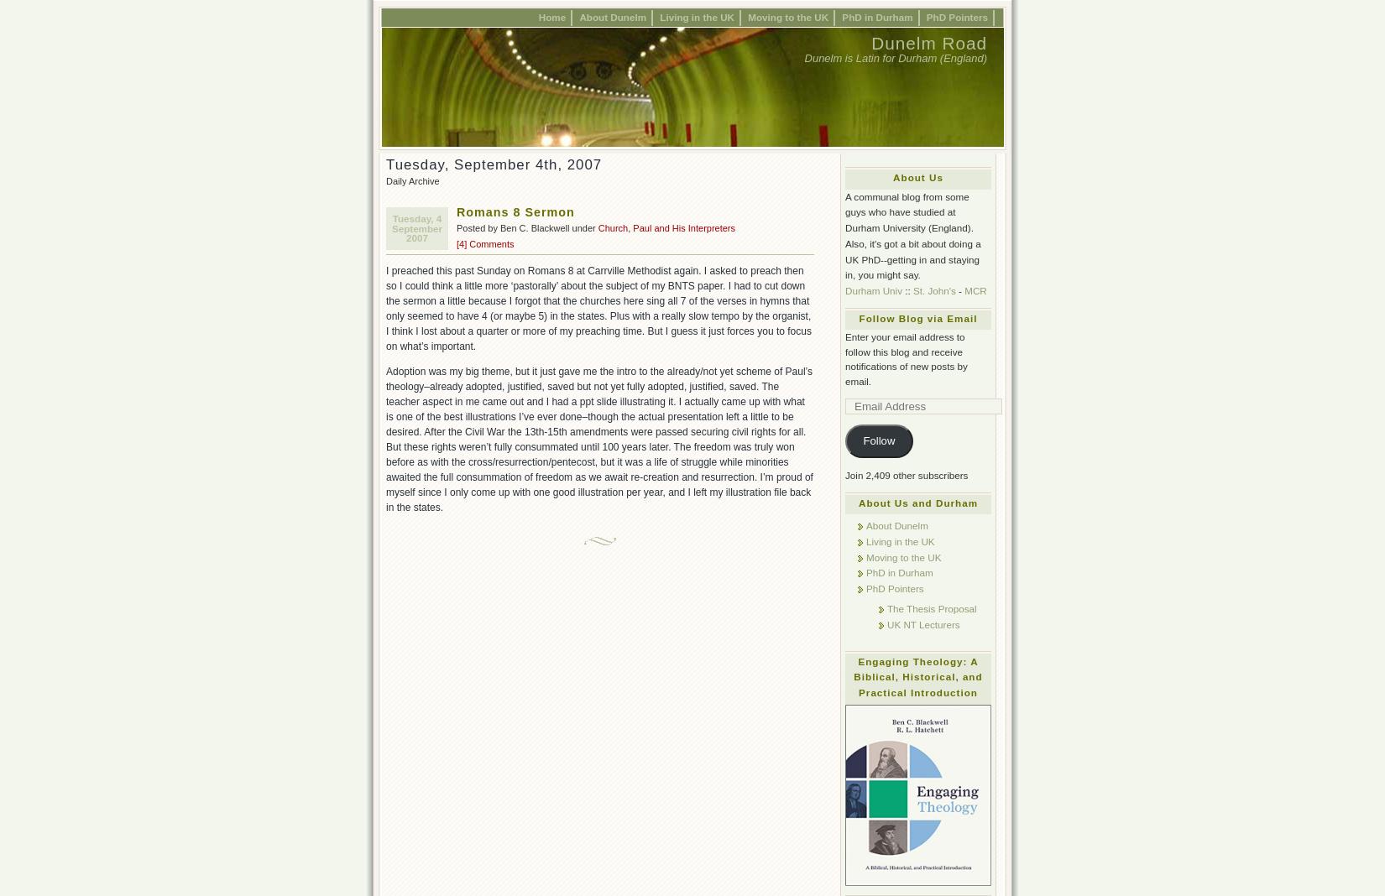 The width and height of the screenshot is (1385, 896). Describe the element at coordinates (931, 607) in the screenshot. I see `'The Thesis Proposal'` at that location.